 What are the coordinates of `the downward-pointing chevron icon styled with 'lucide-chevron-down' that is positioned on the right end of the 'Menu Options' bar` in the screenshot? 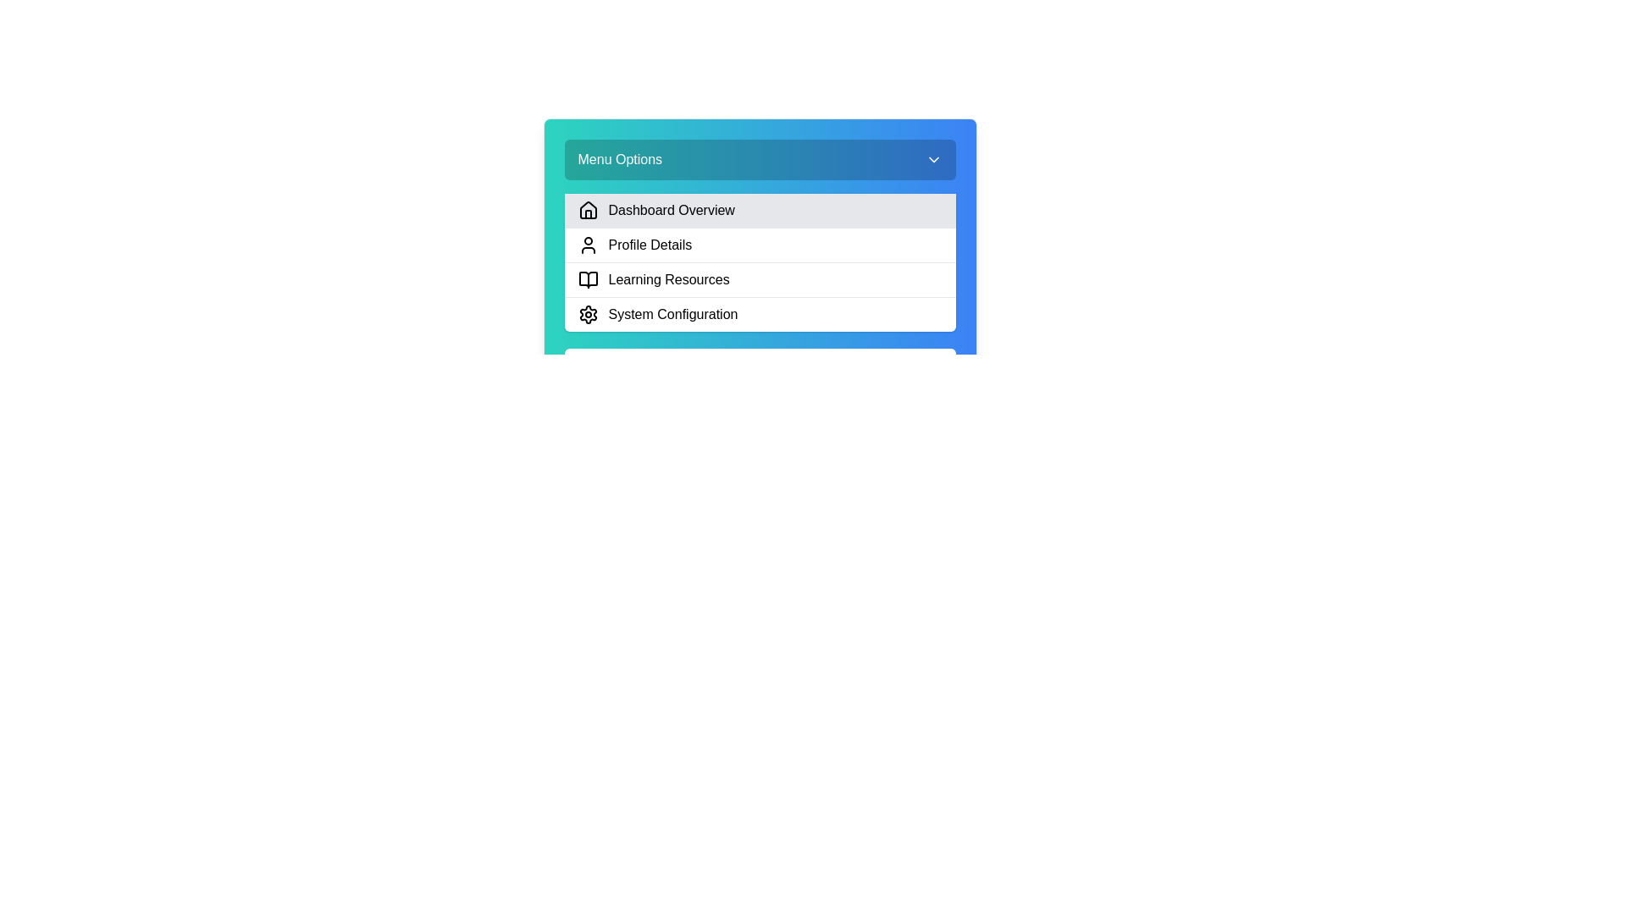 It's located at (932, 160).